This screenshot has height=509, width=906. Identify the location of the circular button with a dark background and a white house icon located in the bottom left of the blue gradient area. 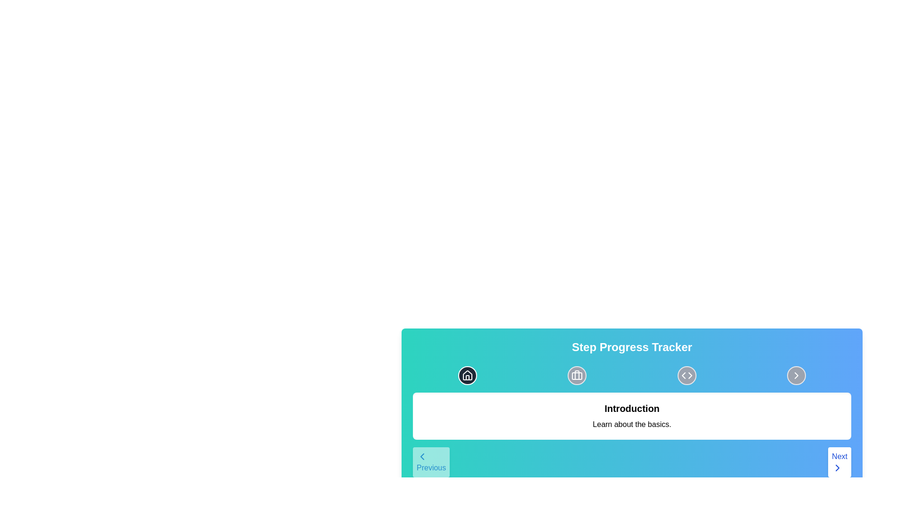
(468, 375).